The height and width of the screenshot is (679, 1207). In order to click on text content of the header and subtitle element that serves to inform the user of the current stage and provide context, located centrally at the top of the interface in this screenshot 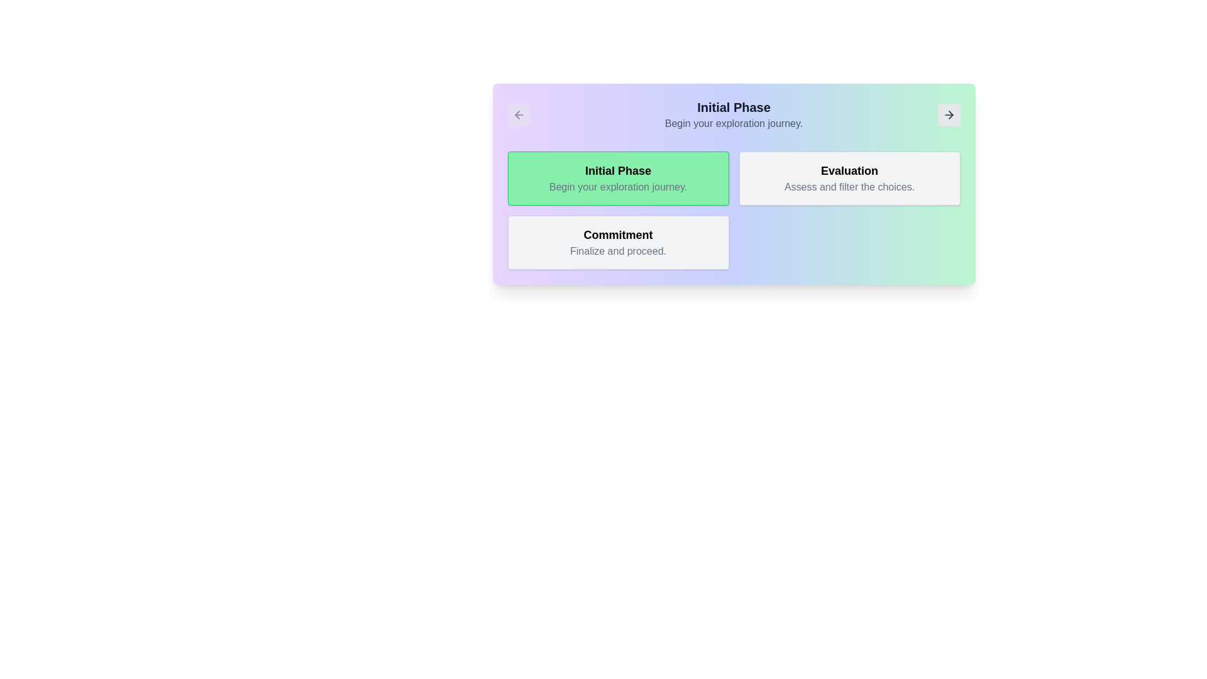, I will do `click(734, 114)`.